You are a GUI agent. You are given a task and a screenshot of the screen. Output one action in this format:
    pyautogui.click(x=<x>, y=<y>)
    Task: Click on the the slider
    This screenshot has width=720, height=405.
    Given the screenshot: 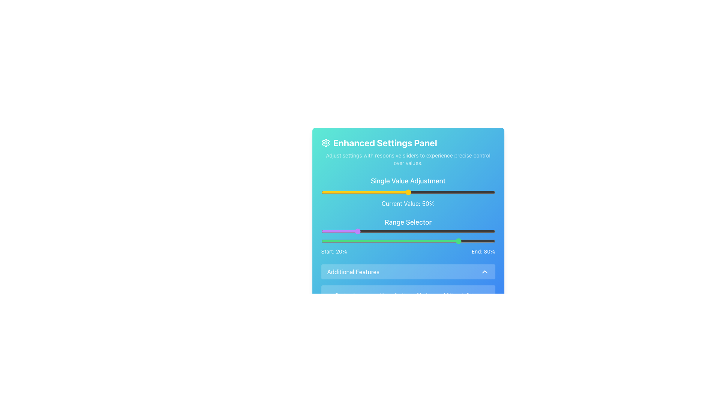 What is the action you would take?
    pyautogui.click(x=331, y=192)
    